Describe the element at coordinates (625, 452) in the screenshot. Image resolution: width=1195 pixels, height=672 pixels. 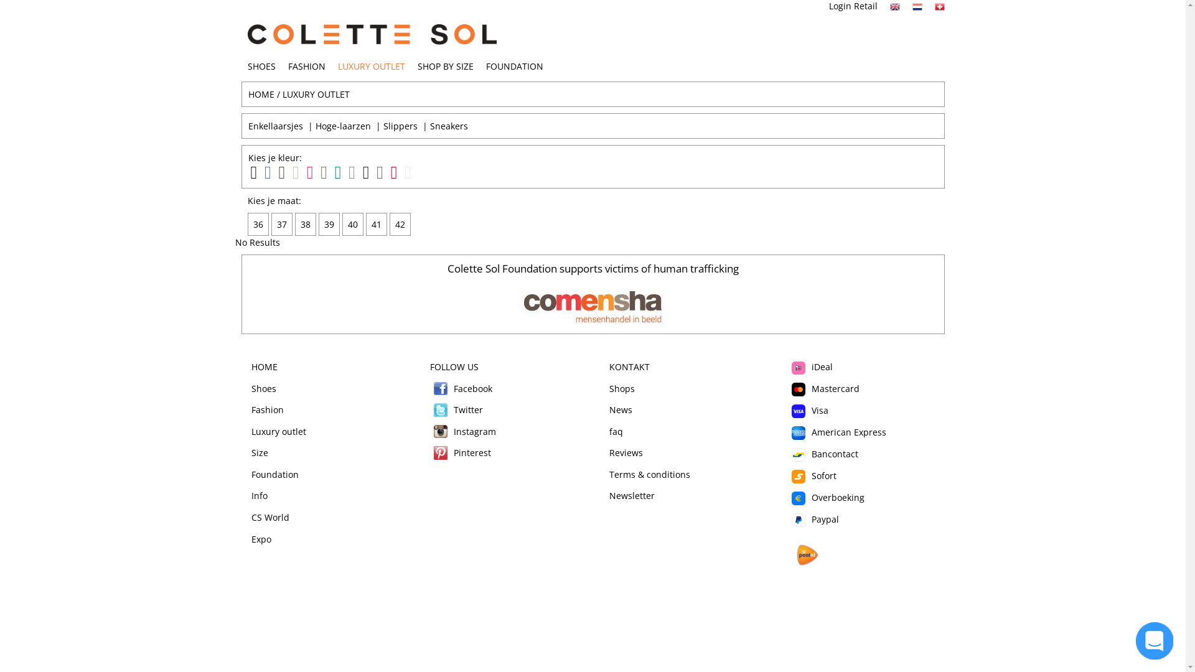
I see `'Reviews'` at that location.